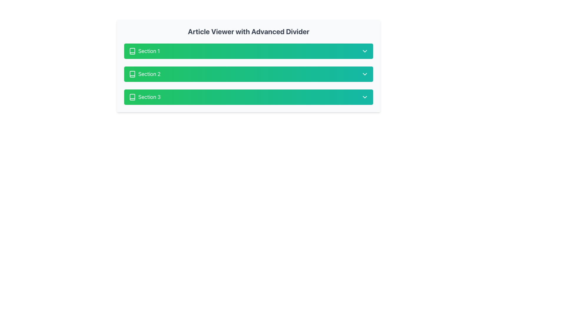  Describe the element at coordinates (364, 97) in the screenshot. I see `the chevron icon located at the far right of the 'Section 3' bar` at that location.